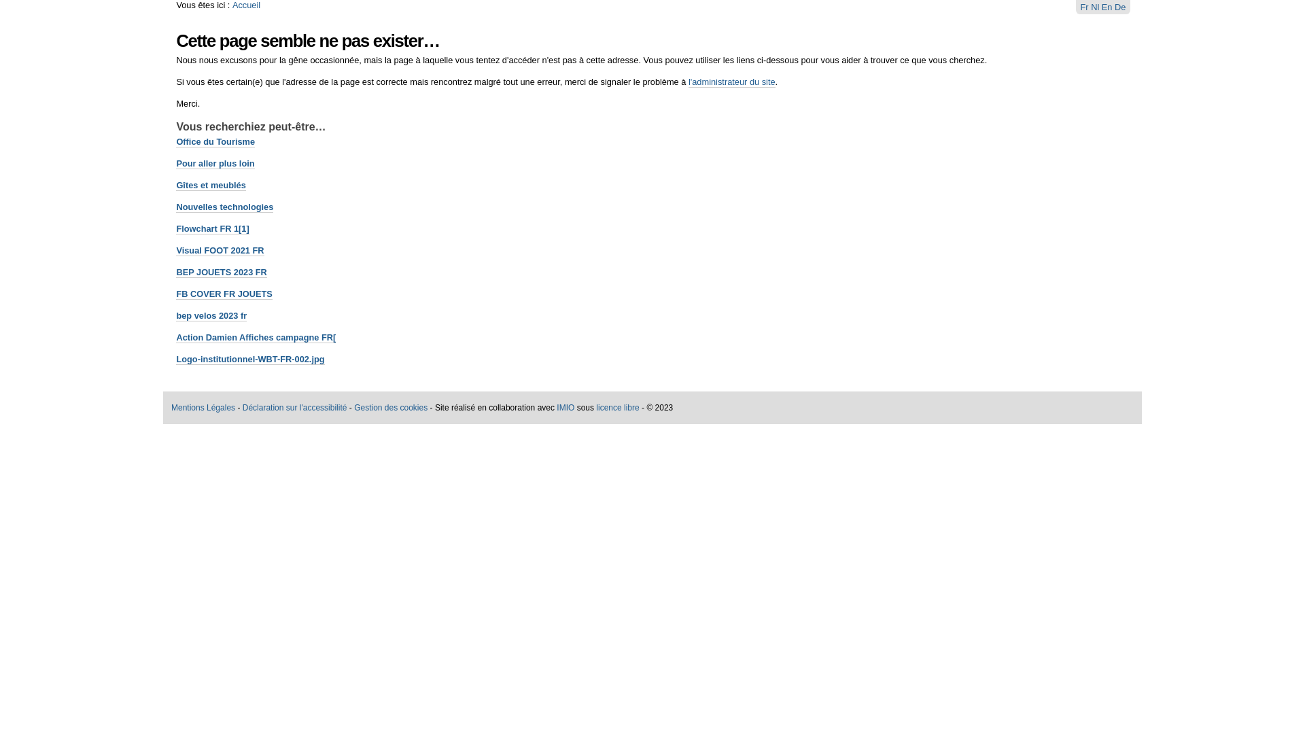 Image resolution: width=1305 pixels, height=734 pixels. What do you see at coordinates (250, 358) in the screenshot?
I see `'Logo-institutionnel-WBT-FR-002.jpg'` at bounding box center [250, 358].